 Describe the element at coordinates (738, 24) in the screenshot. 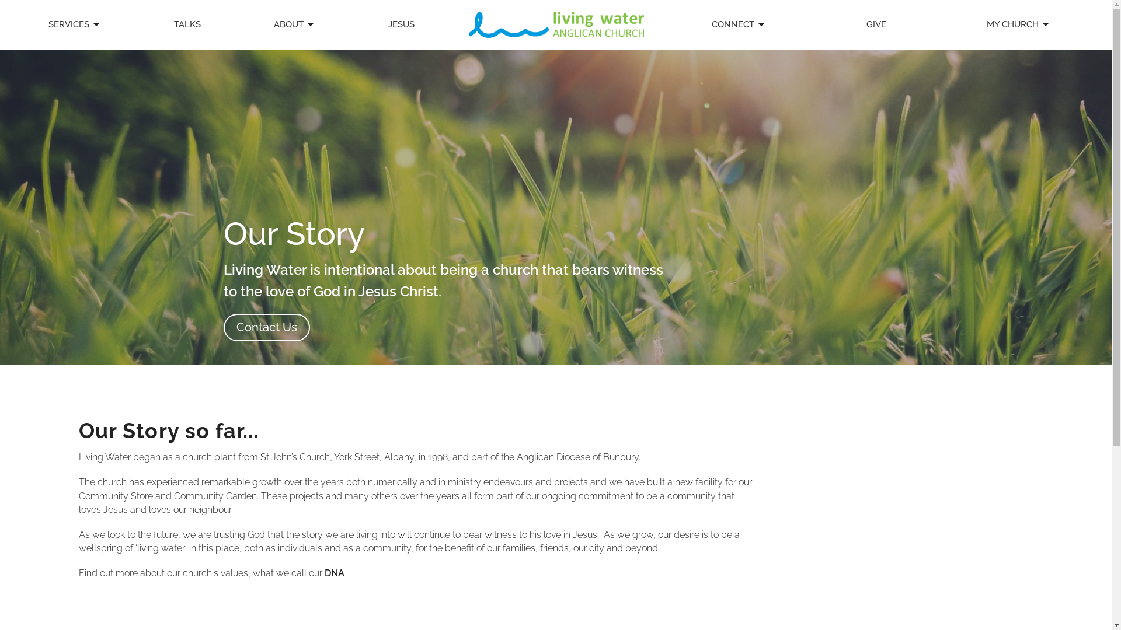

I see `'CONNECT'` at that location.